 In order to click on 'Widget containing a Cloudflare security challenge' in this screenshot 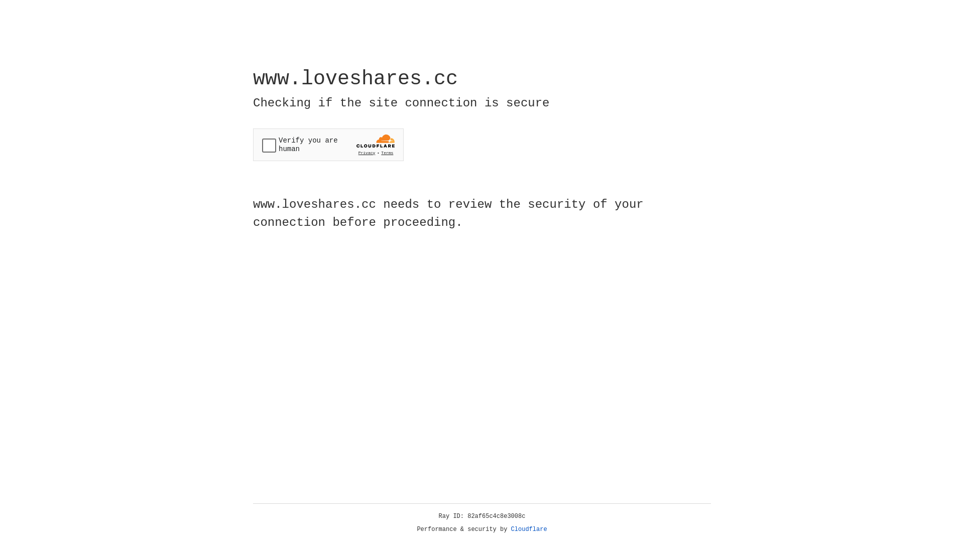, I will do `click(328, 145)`.